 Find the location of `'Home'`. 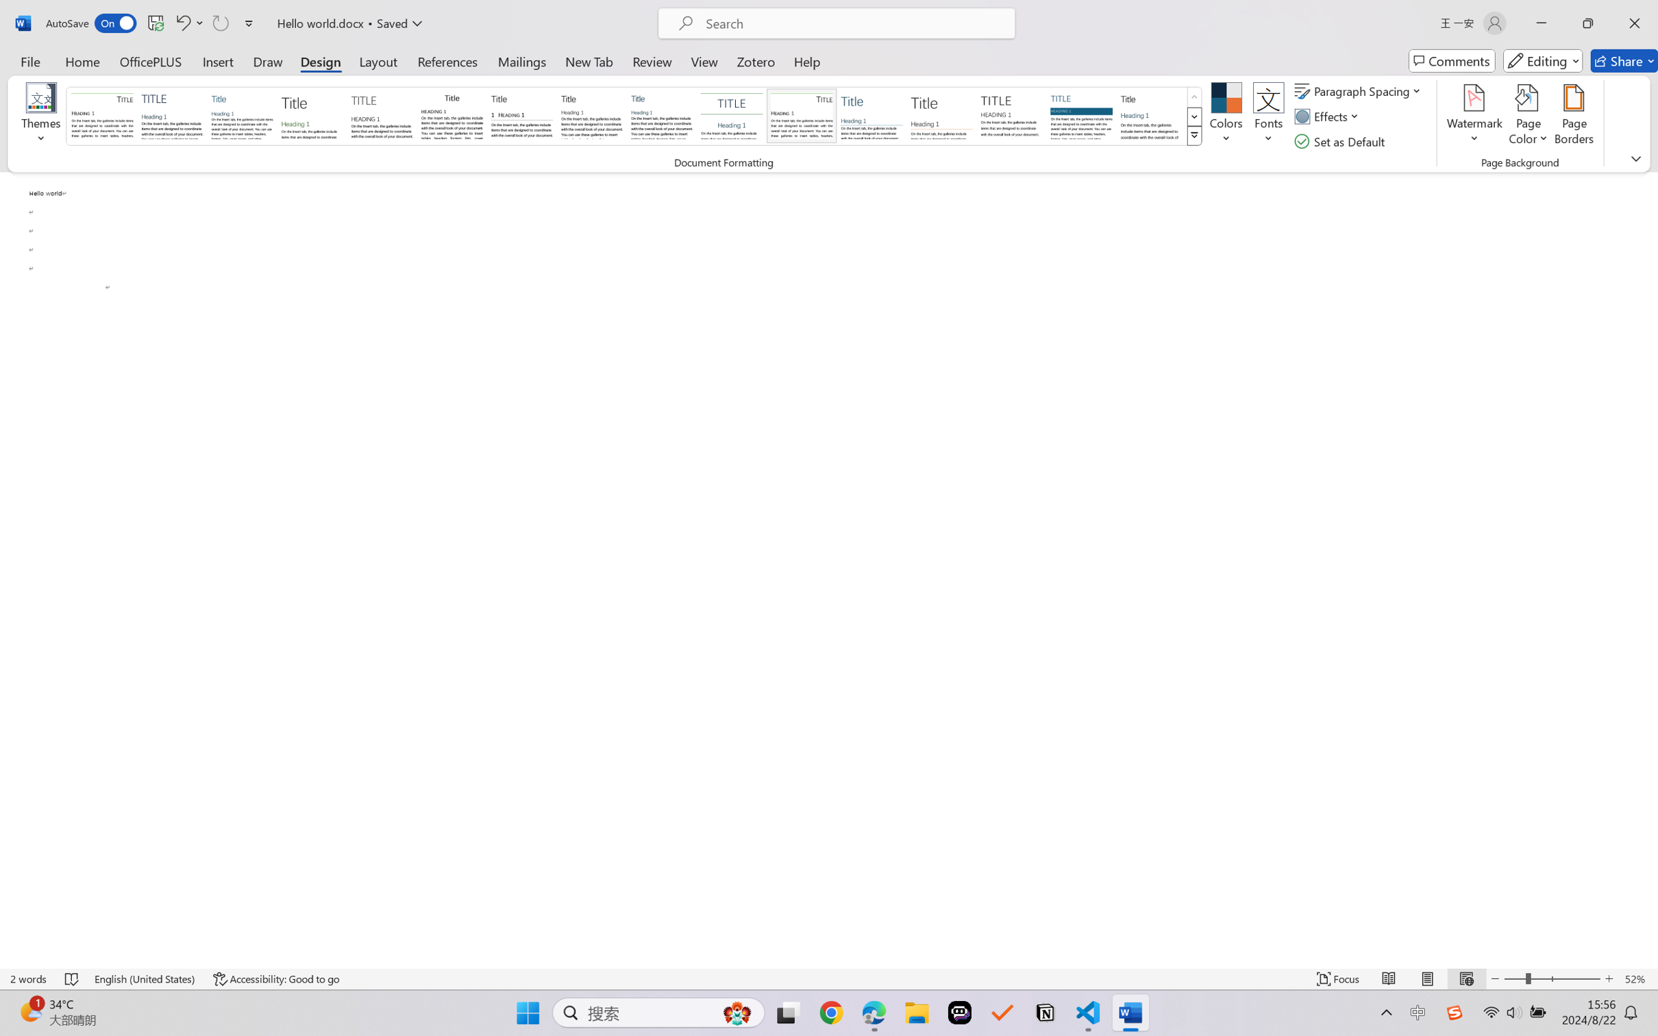

'Home' is located at coordinates (83, 60).